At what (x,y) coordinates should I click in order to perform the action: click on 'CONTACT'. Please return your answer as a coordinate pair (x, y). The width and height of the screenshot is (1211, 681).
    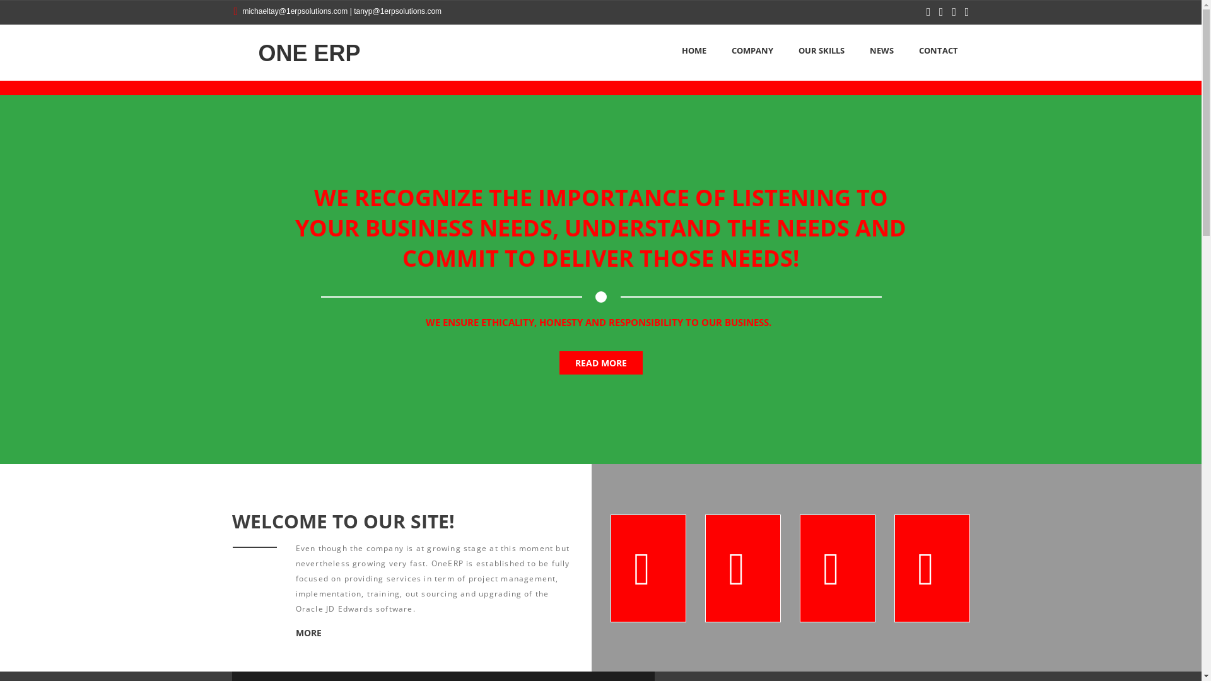
    Looking at the image, I should click on (939, 50).